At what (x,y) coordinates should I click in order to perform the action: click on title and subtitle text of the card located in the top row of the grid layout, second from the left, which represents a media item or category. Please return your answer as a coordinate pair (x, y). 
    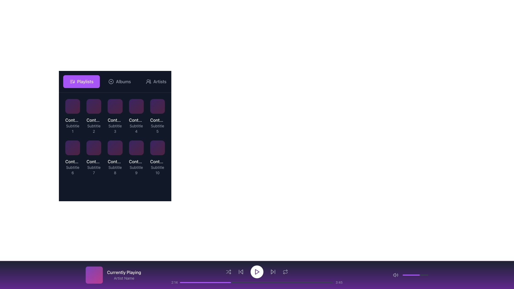
    Looking at the image, I should click on (94, 126).